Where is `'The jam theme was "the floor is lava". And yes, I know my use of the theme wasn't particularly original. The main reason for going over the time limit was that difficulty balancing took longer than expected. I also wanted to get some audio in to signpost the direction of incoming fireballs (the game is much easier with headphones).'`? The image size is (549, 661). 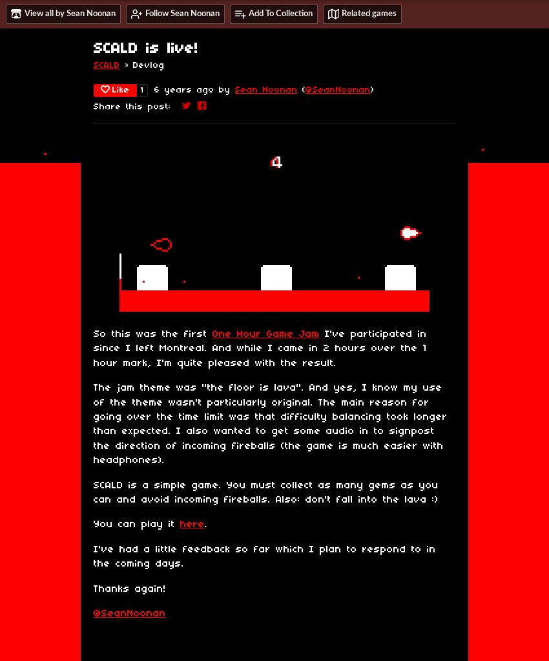
'The jam theme was "the floor is lava". And yes, I know my use of the theme wasn't particularly original. The main reason for going over the time limit was that difficulty balancing took longer than expected. I also wanted to get some audio in to signpost the direction of incoming fireballs (the game is much easier with headphones).' is located at coordinates (270, 424).